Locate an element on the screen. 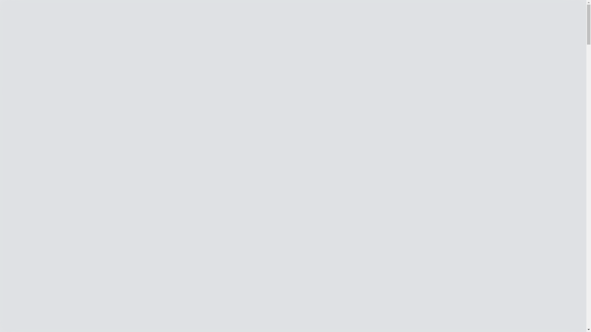 The width and height of the screenshot is (591, 332). 'Shop' is located at coordinates (18, 113).